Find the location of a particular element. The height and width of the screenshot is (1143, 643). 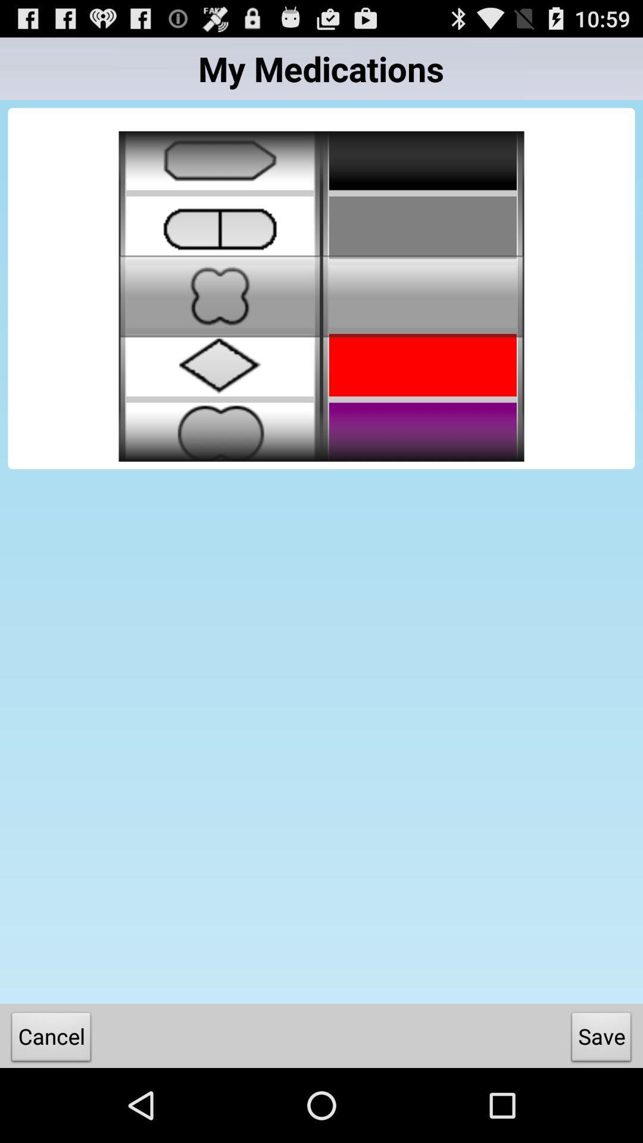

the save button is located at coordinates (601, 1039).